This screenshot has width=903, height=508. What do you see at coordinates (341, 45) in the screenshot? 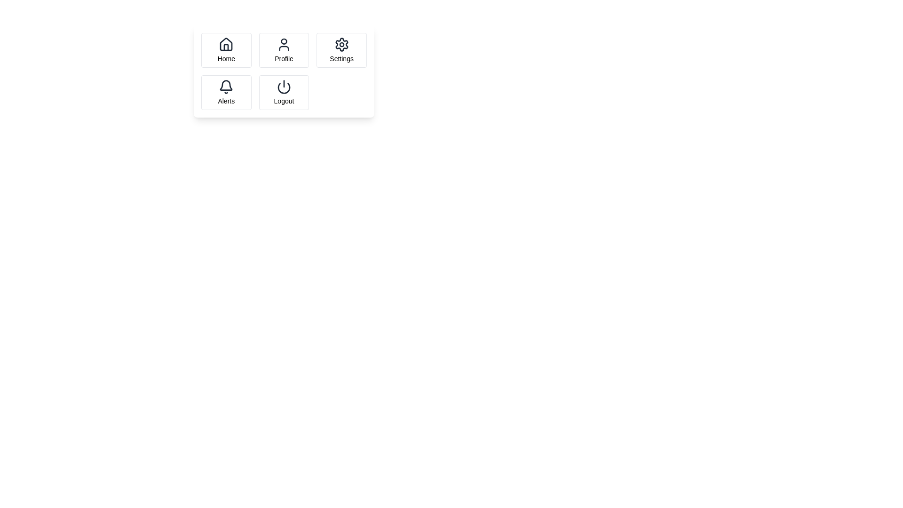
I see `the gear-shaped icon representing settings, located in the top right corner of the icon grid` at bounding box center [341, 45].